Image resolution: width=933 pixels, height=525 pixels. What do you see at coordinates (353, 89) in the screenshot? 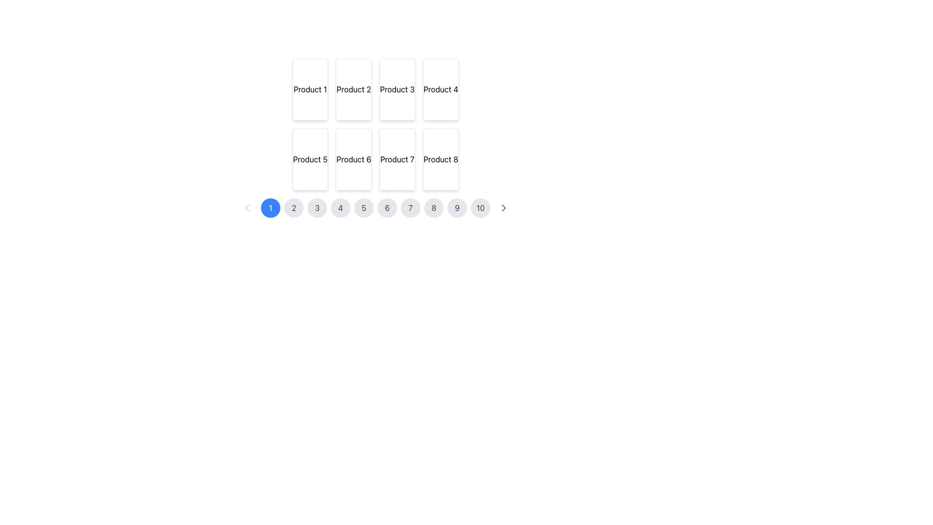
I see `the rectangular button labeled 'Product 2' with rounded corners and a thin gray border, located in the first row of a 4-column grid layout` at bounding box center [353, 89].